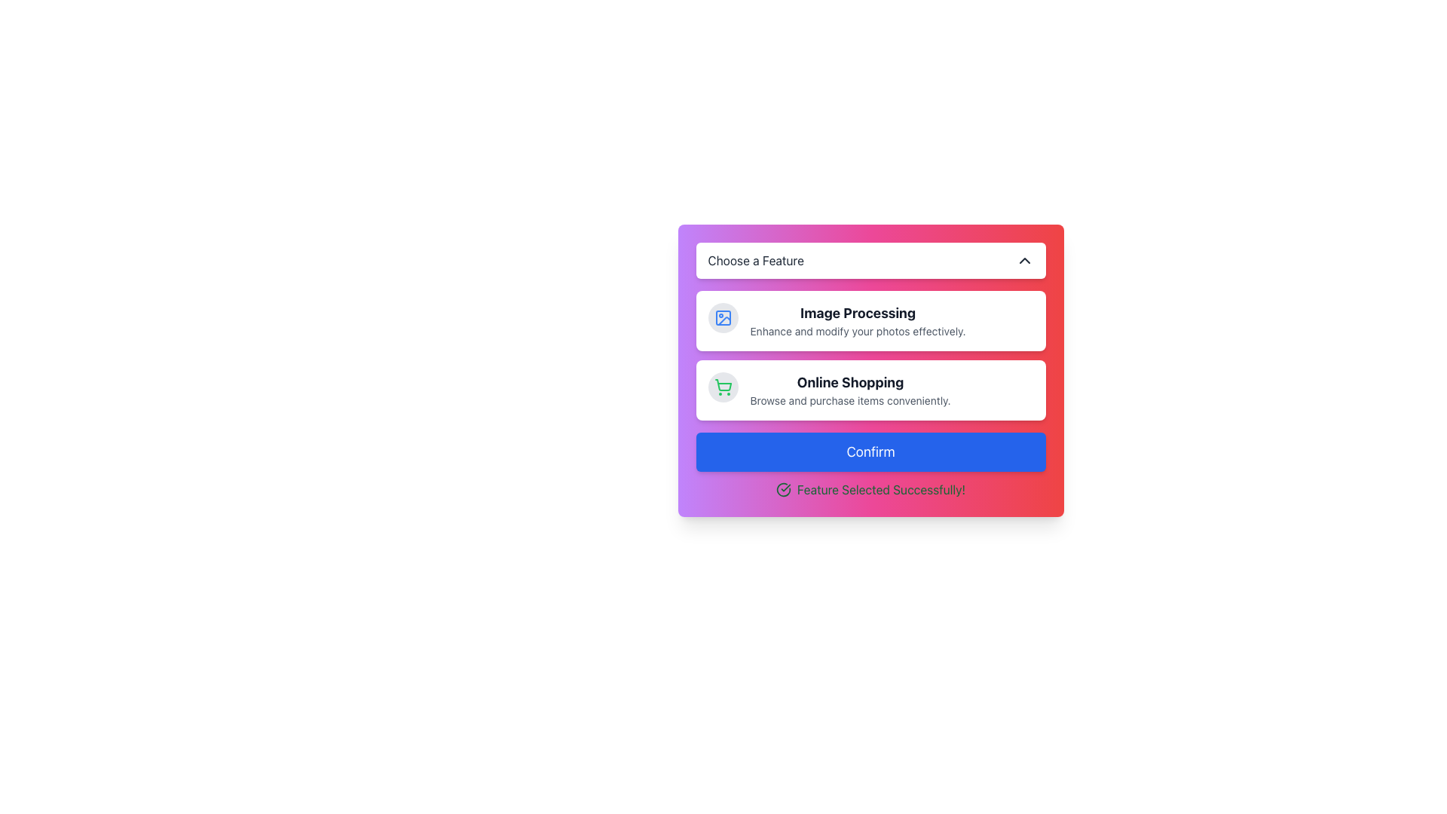 Image resolution: width=1447 pixels, height=814 pixels. What do you see at coordinates (1024, 260) in the screenshot?
I see `the upward-pointing arrow icon button located at the top-right corner of the 'Choose a Feature' section` at bounding box center [1024, 260].